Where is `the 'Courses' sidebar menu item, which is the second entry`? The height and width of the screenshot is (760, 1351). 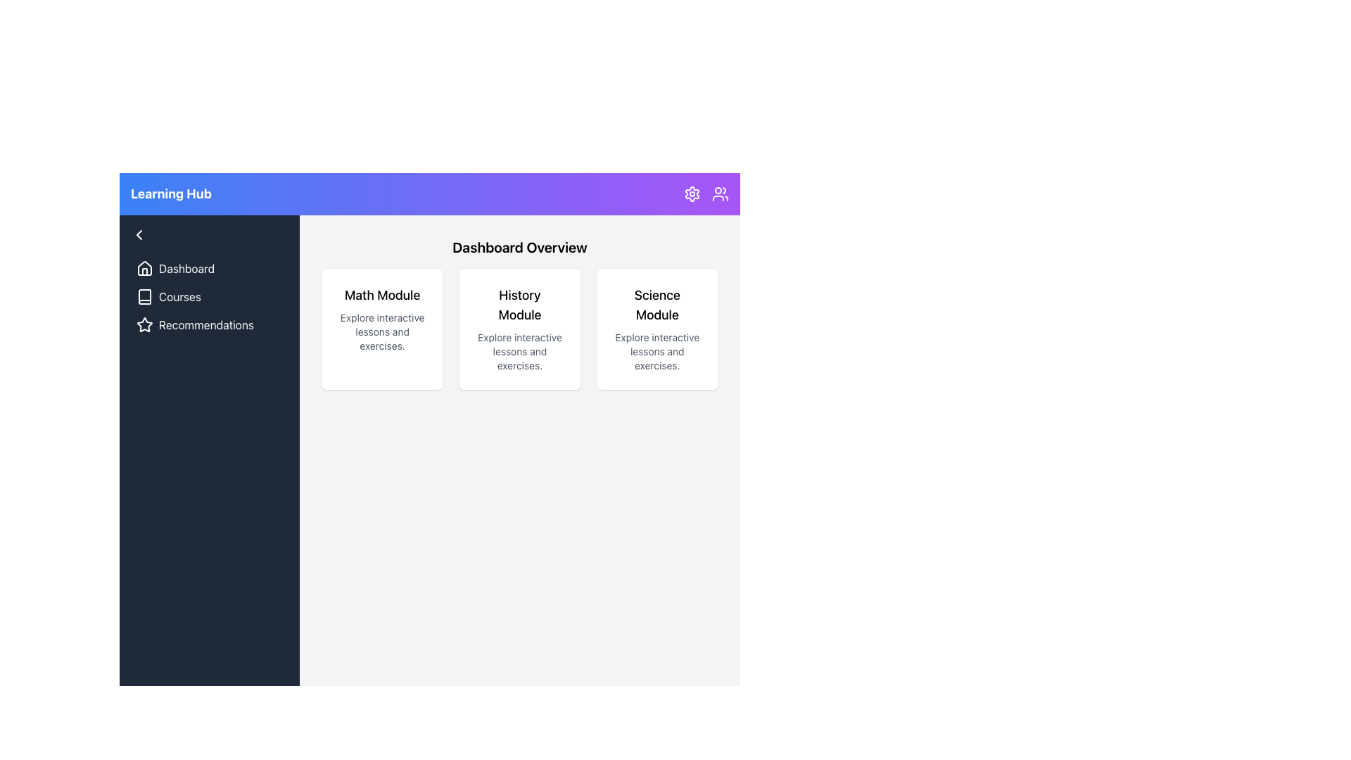
the 'Courses' sidebar menu item, which is the second entry is located at coordinates (208, 296).